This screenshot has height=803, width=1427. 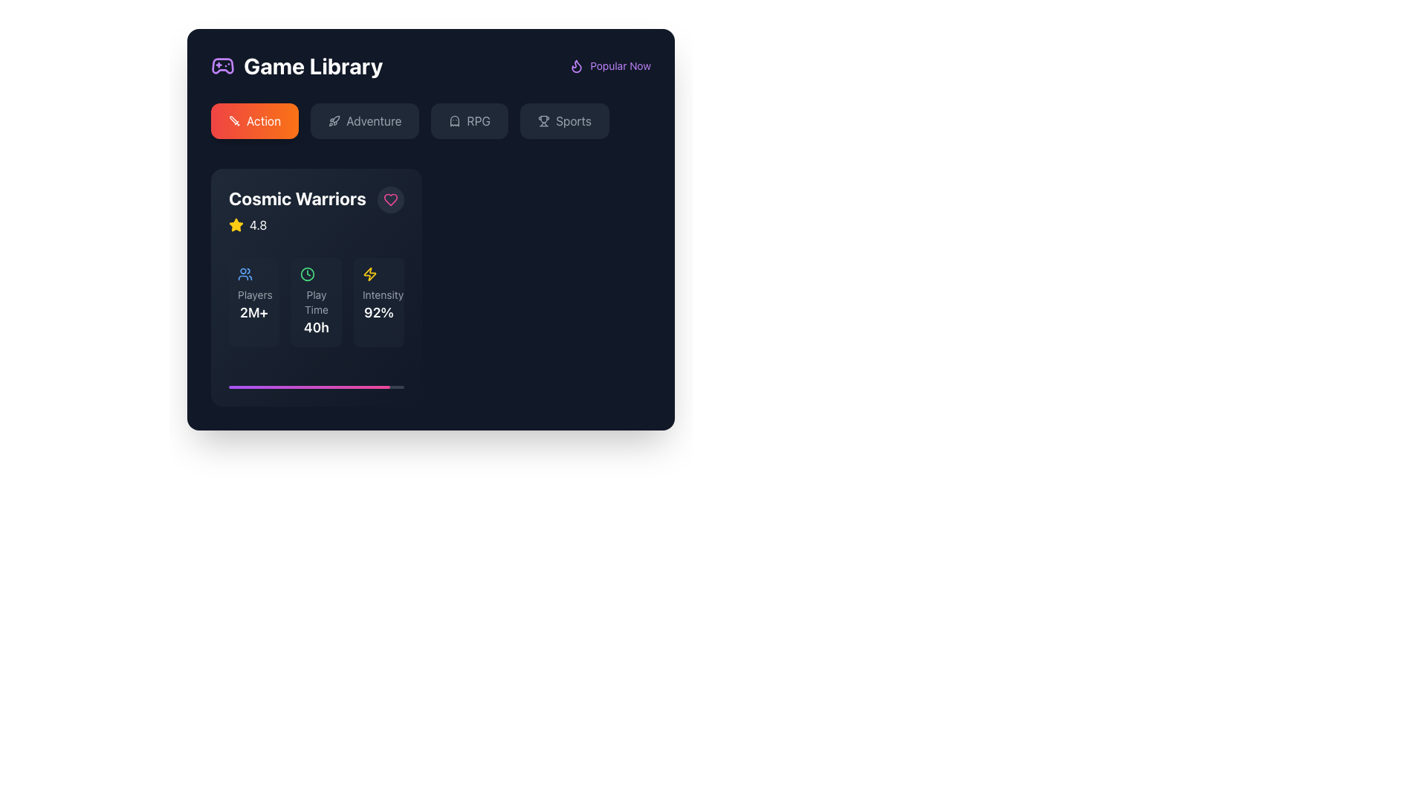 I want to click on the circular clock icon with a green border and black center, located in the second column of the 'Play Time' section, above the text '40h', so click(x=306, y=274).